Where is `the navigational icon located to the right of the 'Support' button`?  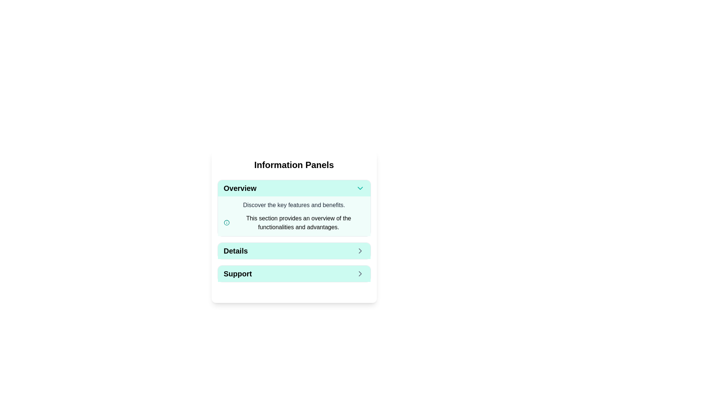 the navigational icon located to the right of the 'Support' button is located at coordinates (360, 274).